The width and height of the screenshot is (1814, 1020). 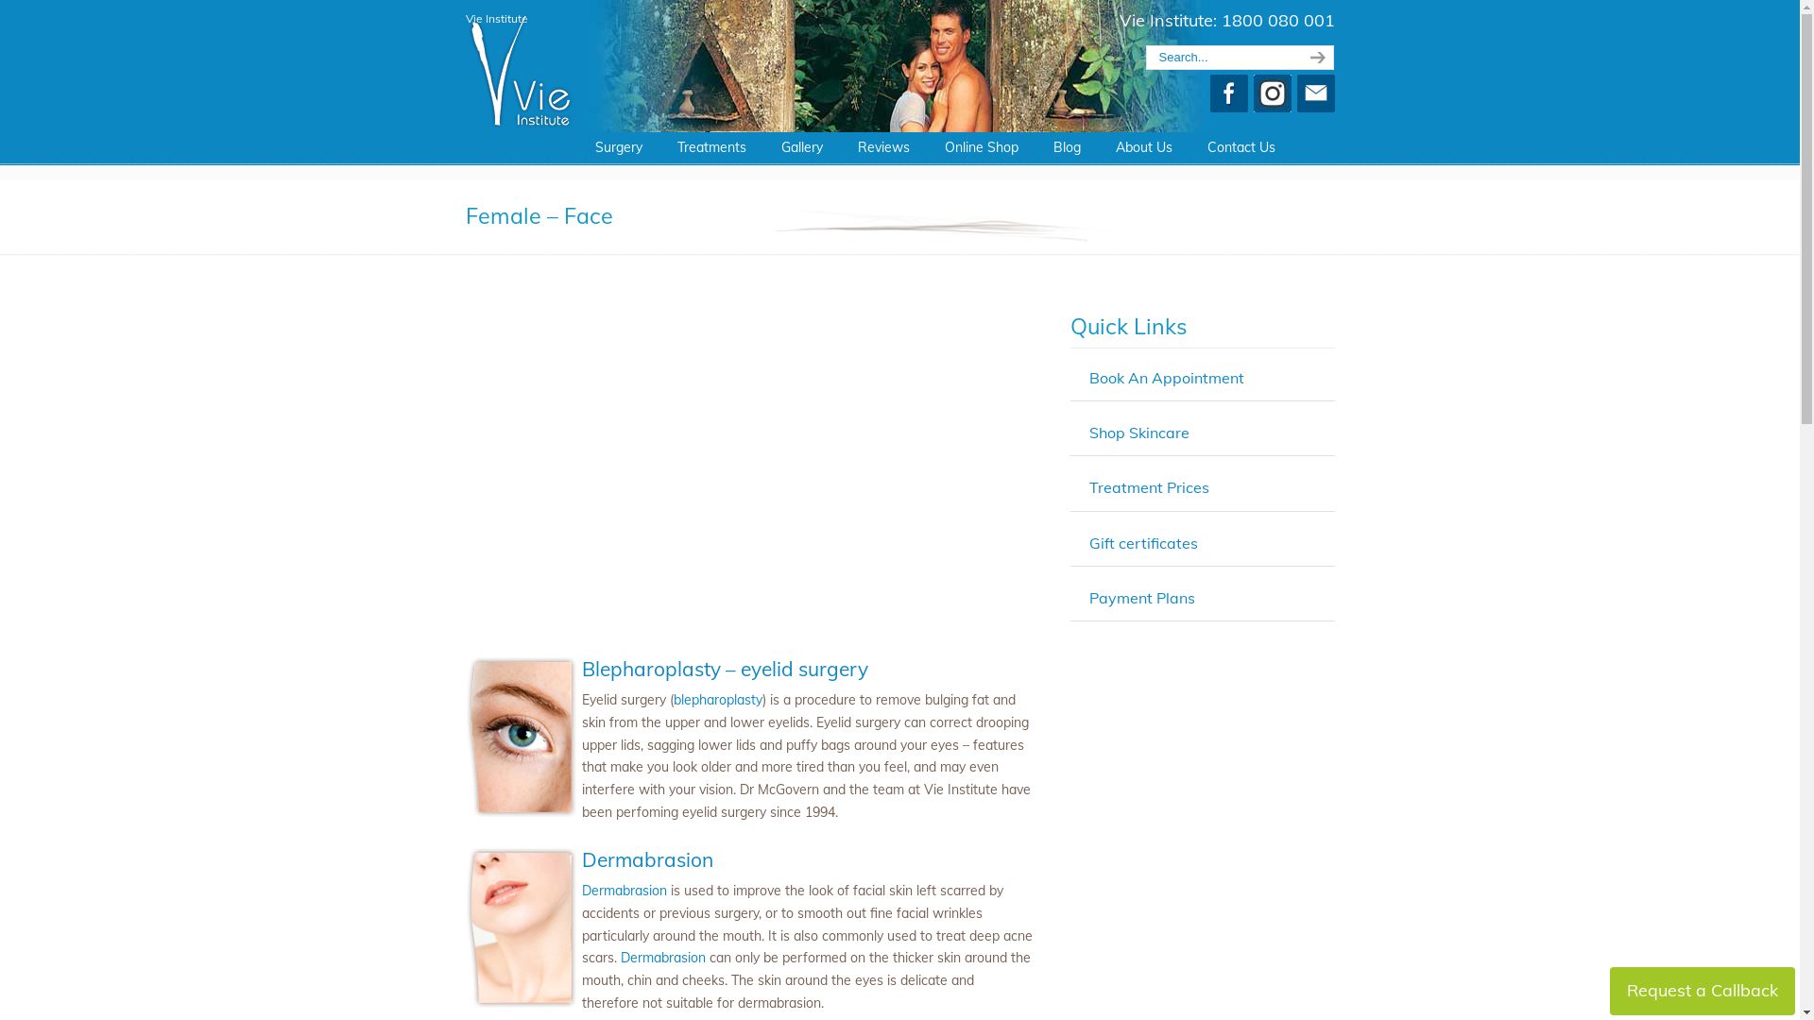 I want to click on 'Request a Callback', so click(x=1702, y=990).